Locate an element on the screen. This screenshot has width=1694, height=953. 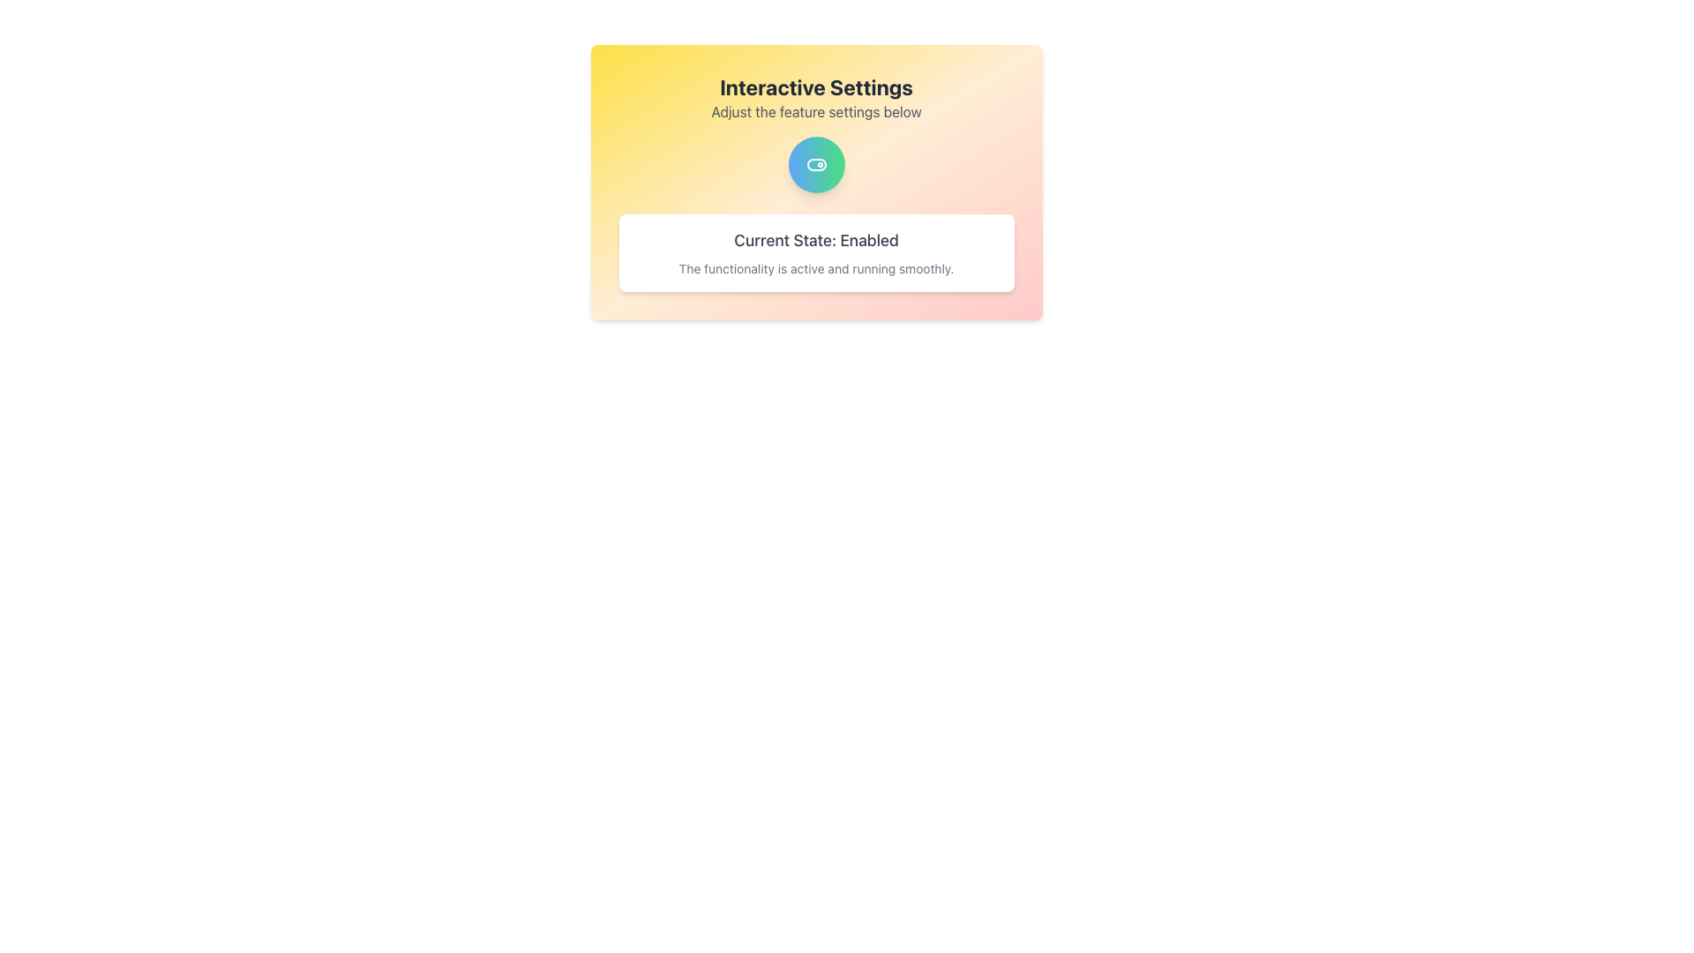
the state change of the rectangular toggle background, which serves as the base of a toggle switch with a gradient color fill from light blue to teal is located at coordinates (815, 164).